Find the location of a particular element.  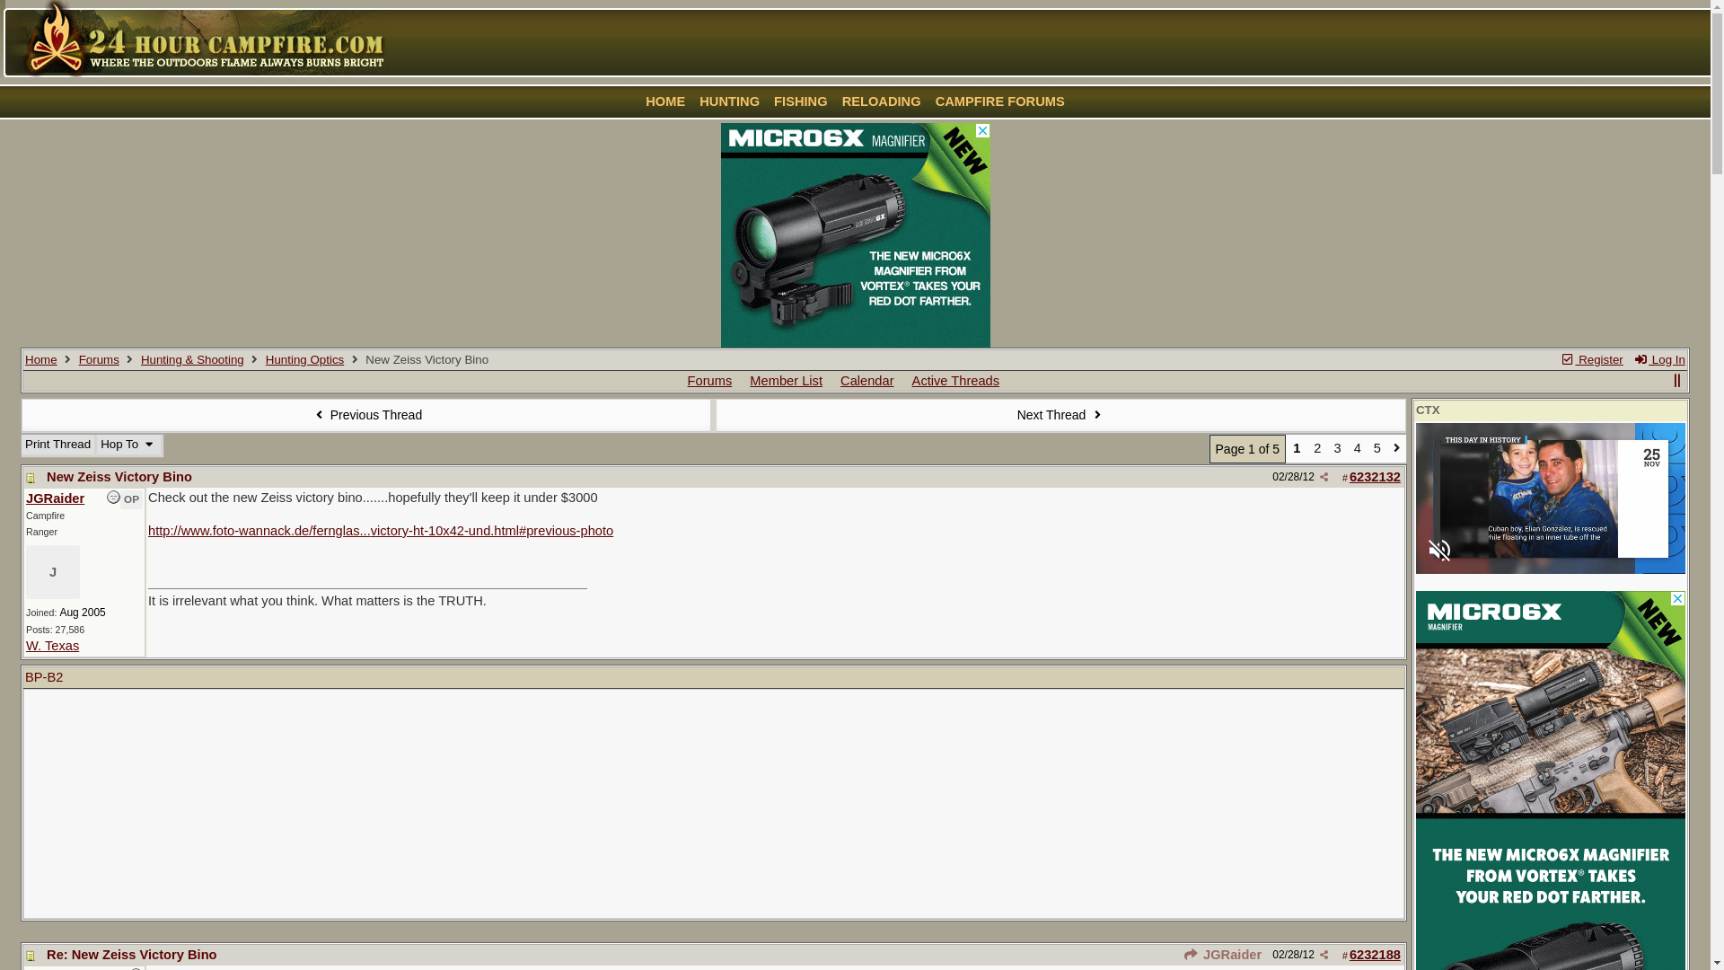

'6232188' is located at coordinates (1348, 954).